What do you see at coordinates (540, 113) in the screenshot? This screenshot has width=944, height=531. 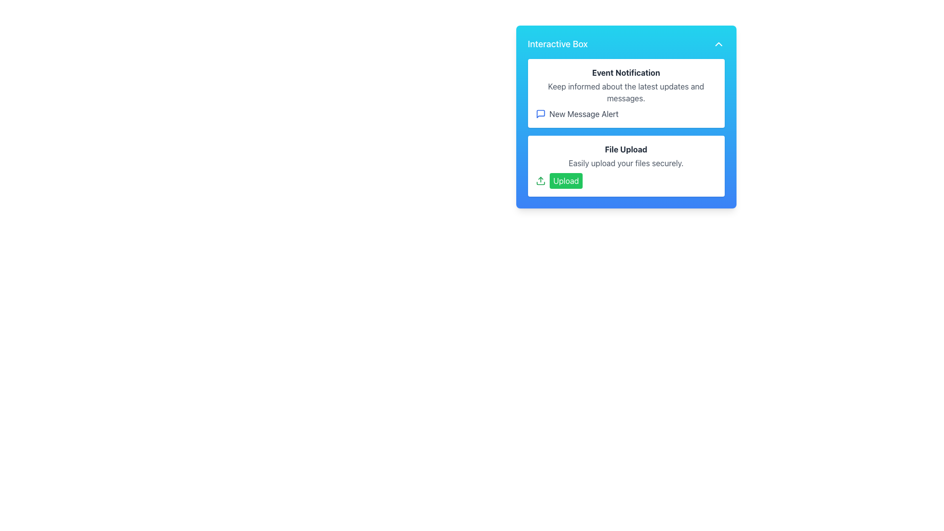 I see `the 'New Message Alert' SVG Icon located to the left of the alert text in the 'Interactive Box' interface` at bounding box center [540, 113].